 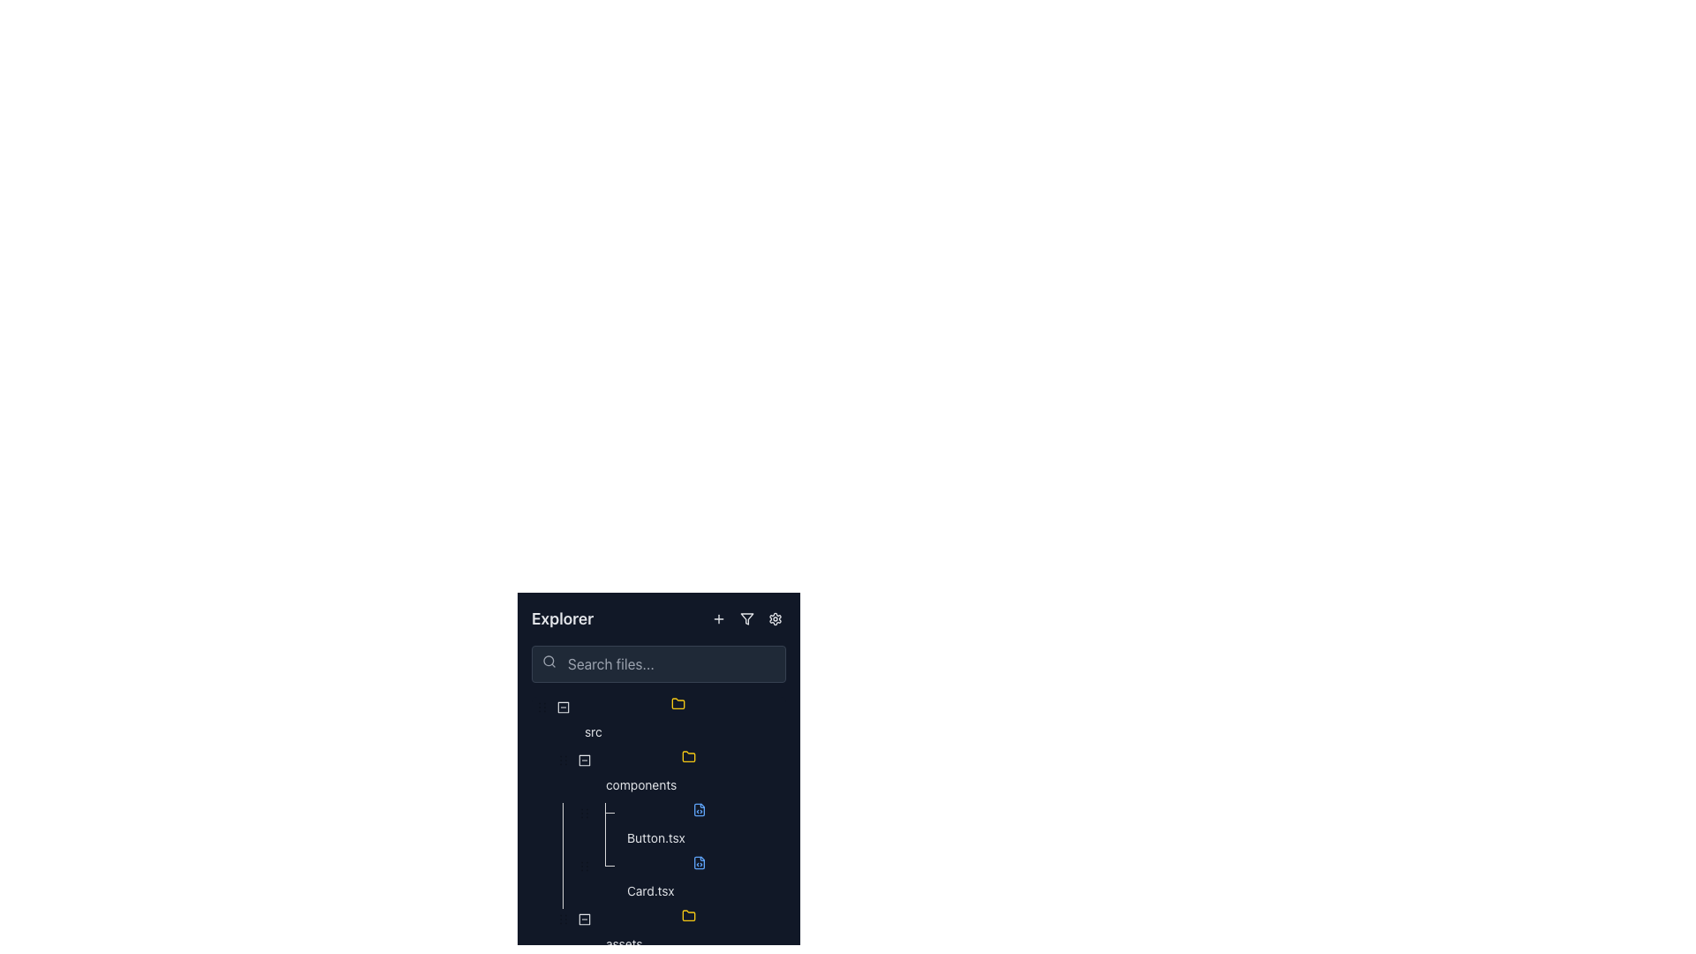 What do you see at coordinates (699, 810) in the screenshot?
I see `the file type icon next to the 'Button.tsx' entry in the file explorer panel` at bounding box center [699, 810].